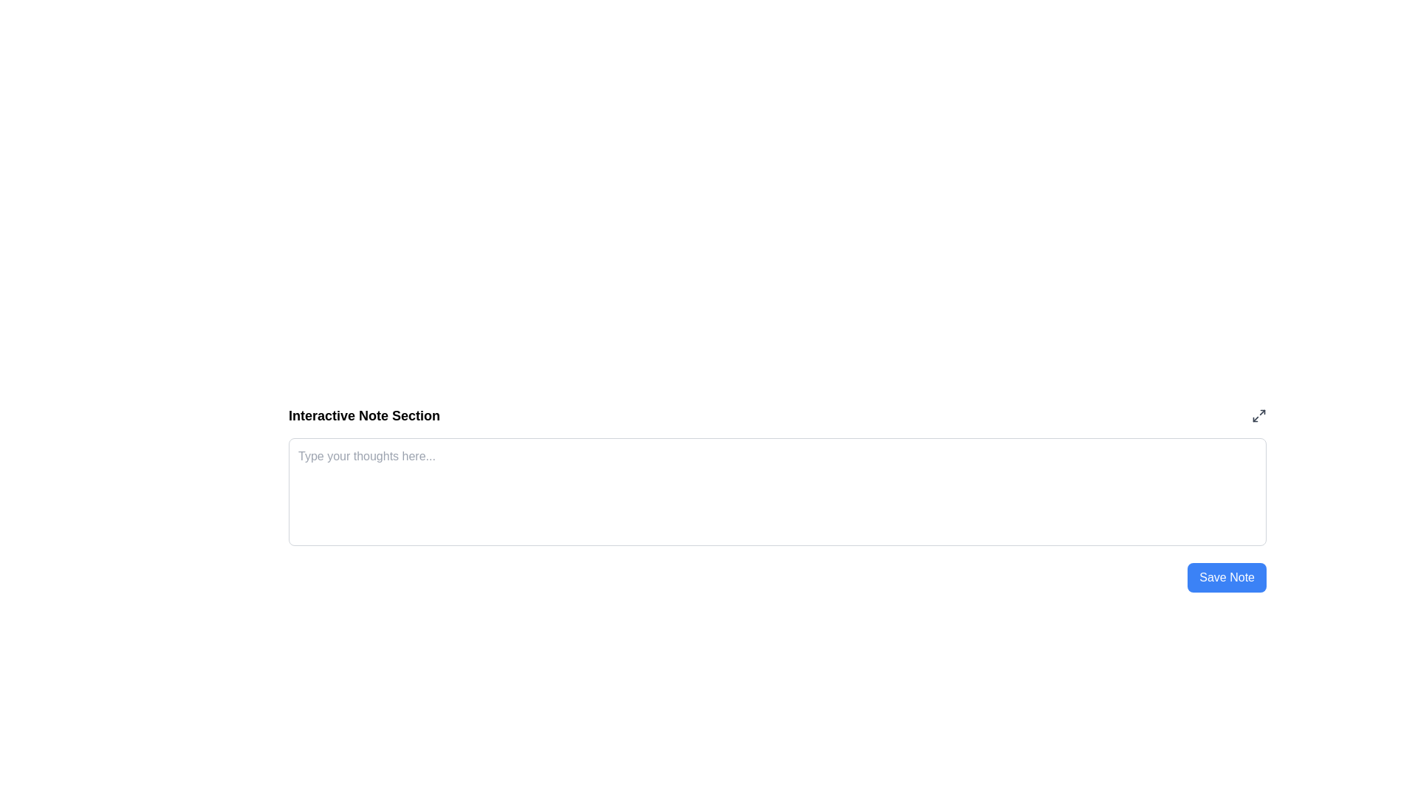  I want to click on the maximize button in the top-right corner of the Interactive Note Section, so click(1258, 416).